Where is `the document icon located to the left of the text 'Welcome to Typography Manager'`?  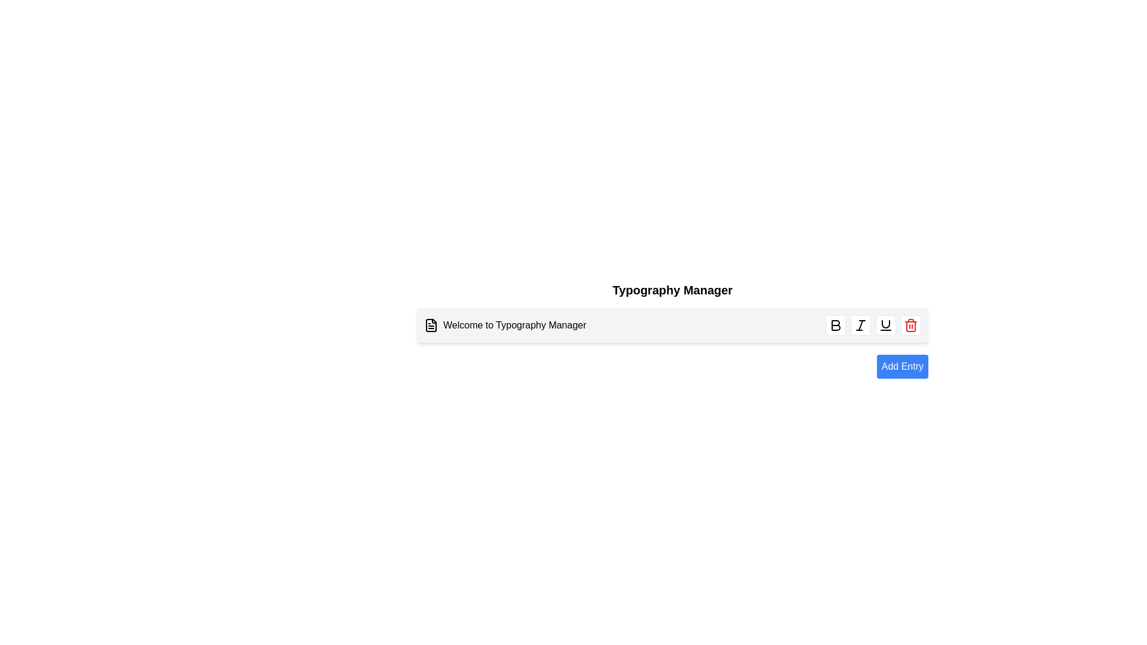 the document icon located to the left of the text 'Welcome to Typography Manager' is located at coordinates (430, 325).